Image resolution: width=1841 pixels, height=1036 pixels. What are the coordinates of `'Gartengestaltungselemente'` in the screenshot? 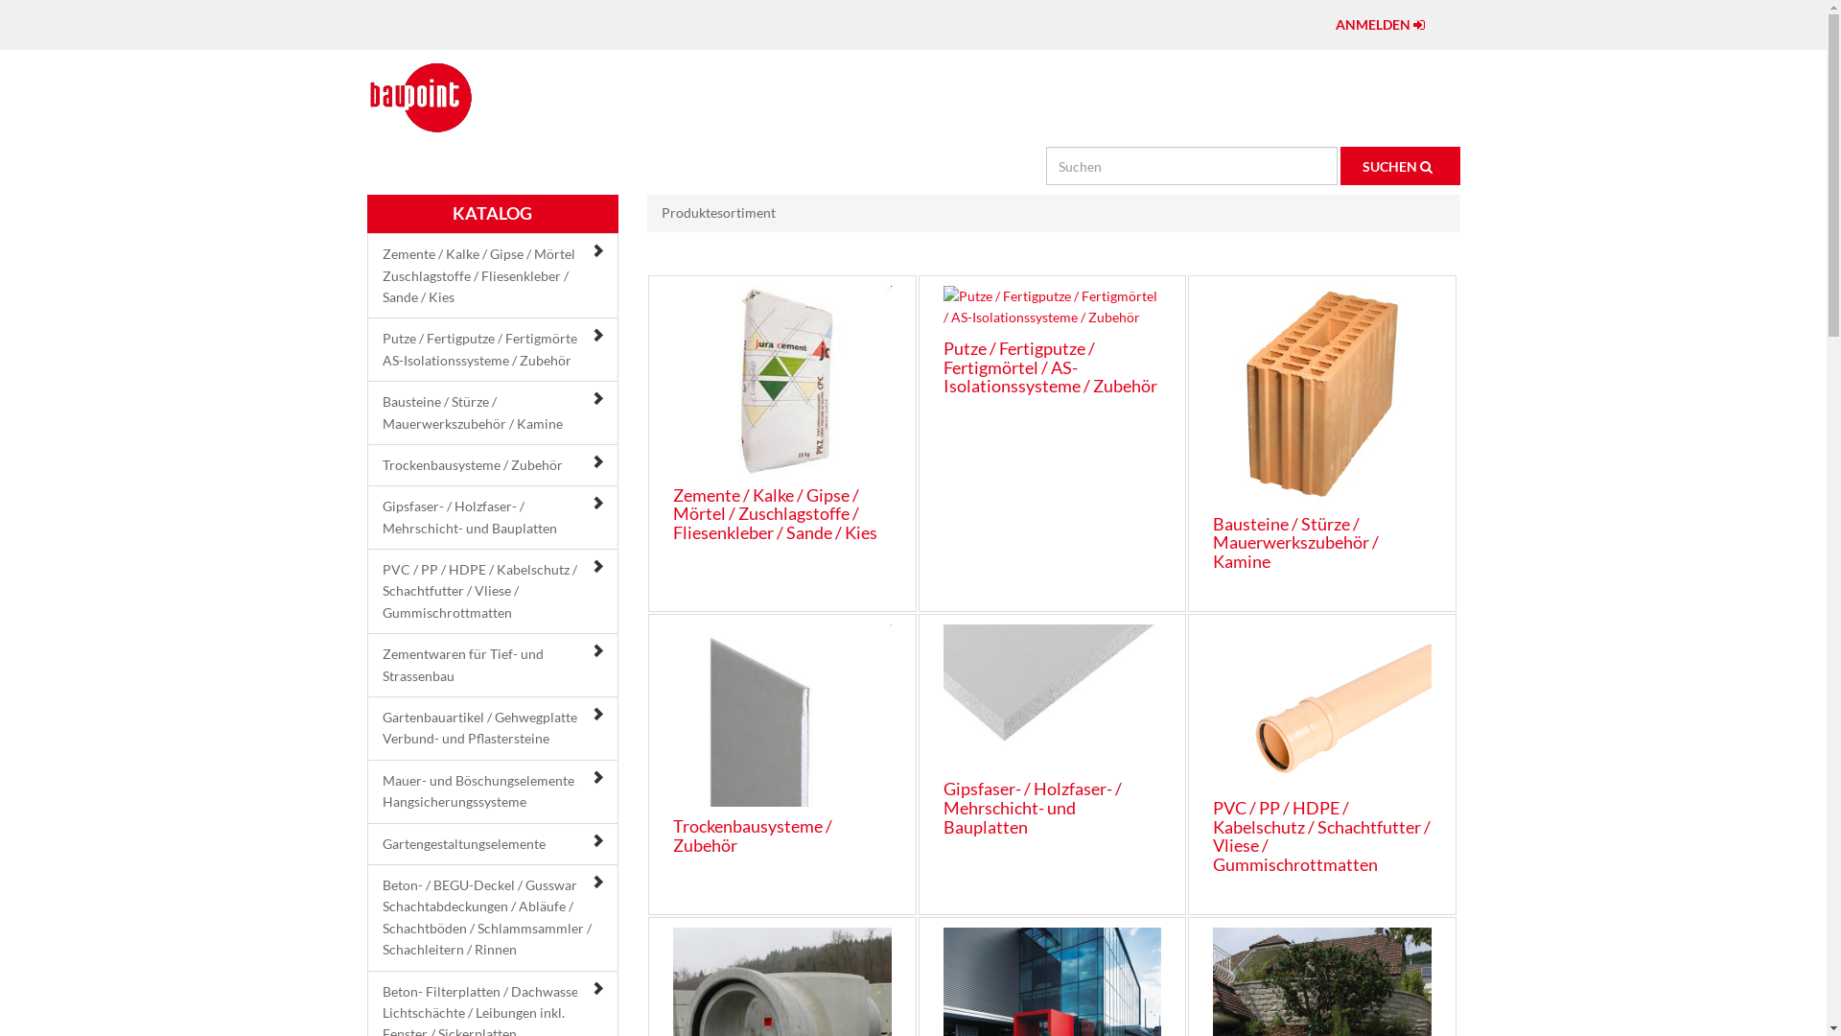 It's located at (382, 842).